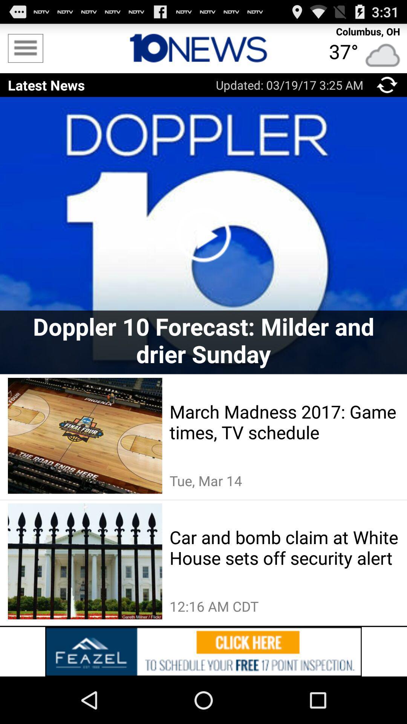 This screenshot has height=724, width=407. I want to click on news, so click(203, 48).